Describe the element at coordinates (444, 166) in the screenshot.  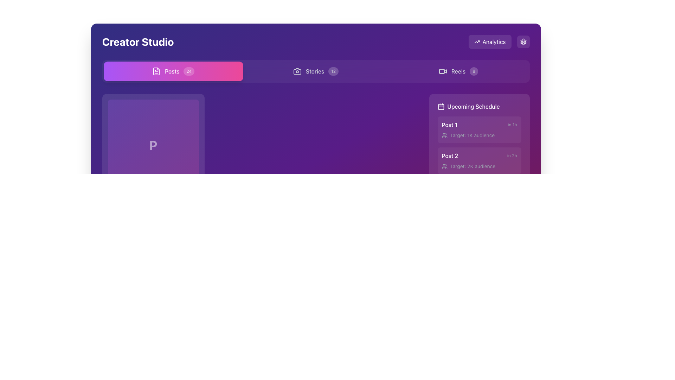
I see `the text adjacent to the user group icon located next to 'Target: 2K audience' in the 'Upcoming Schedule' section of 'Post 2'` at that location.